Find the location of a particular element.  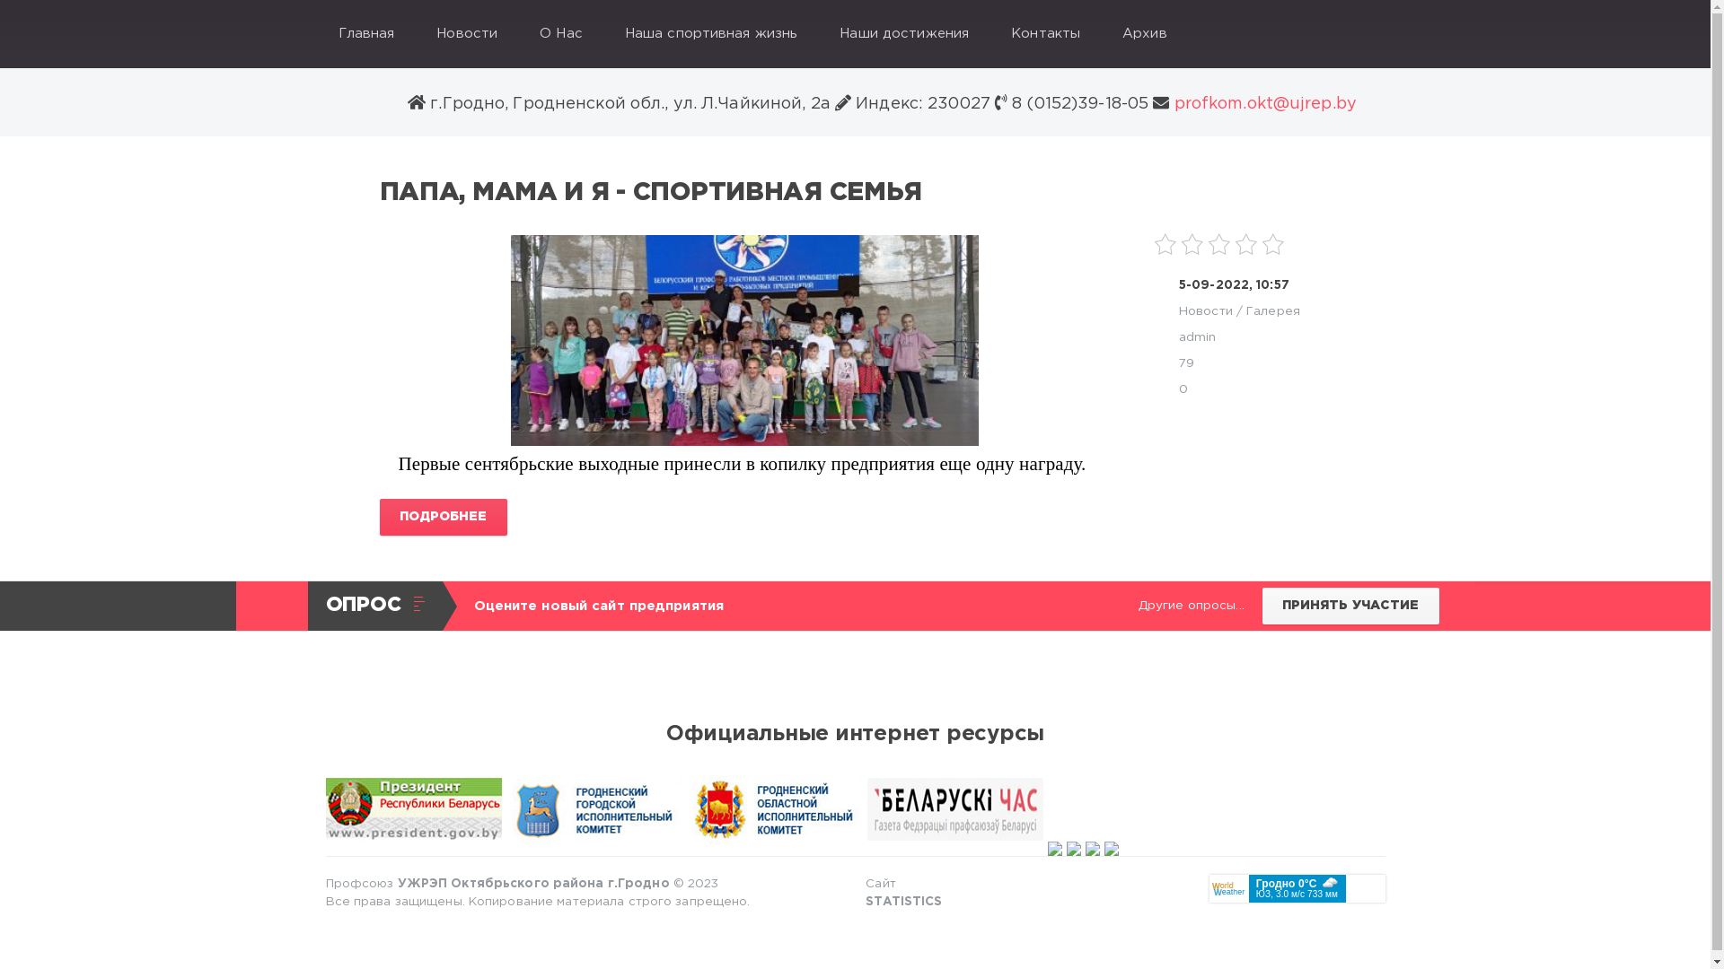

'5' is located at coordinates (1271, 244).